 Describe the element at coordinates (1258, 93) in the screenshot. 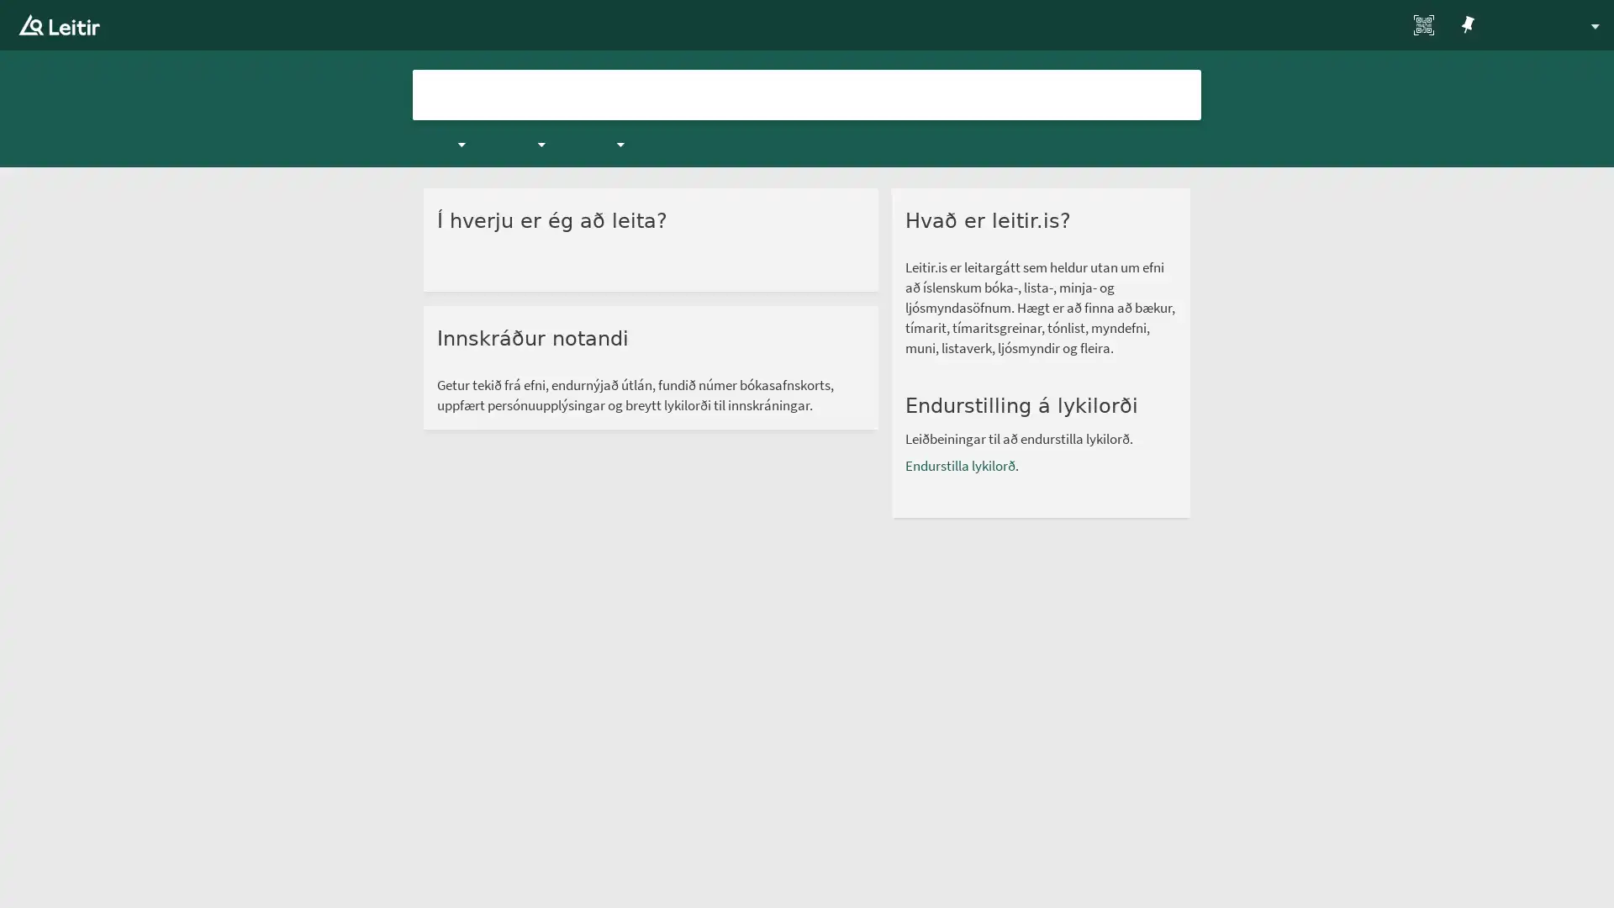

I see `Itarleg leit` at that location.